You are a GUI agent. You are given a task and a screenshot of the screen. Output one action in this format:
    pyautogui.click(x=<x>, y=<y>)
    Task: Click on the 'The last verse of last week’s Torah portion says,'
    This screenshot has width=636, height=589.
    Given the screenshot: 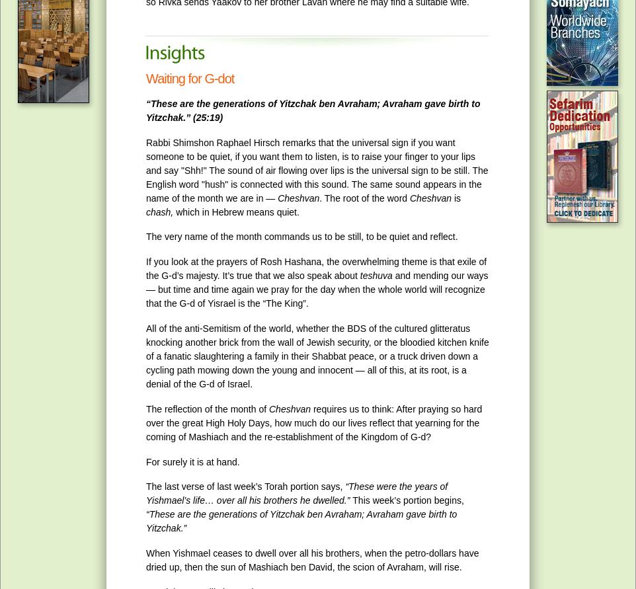 What is the action you would take?
    pyautogui.click(x=245, y=486)
    